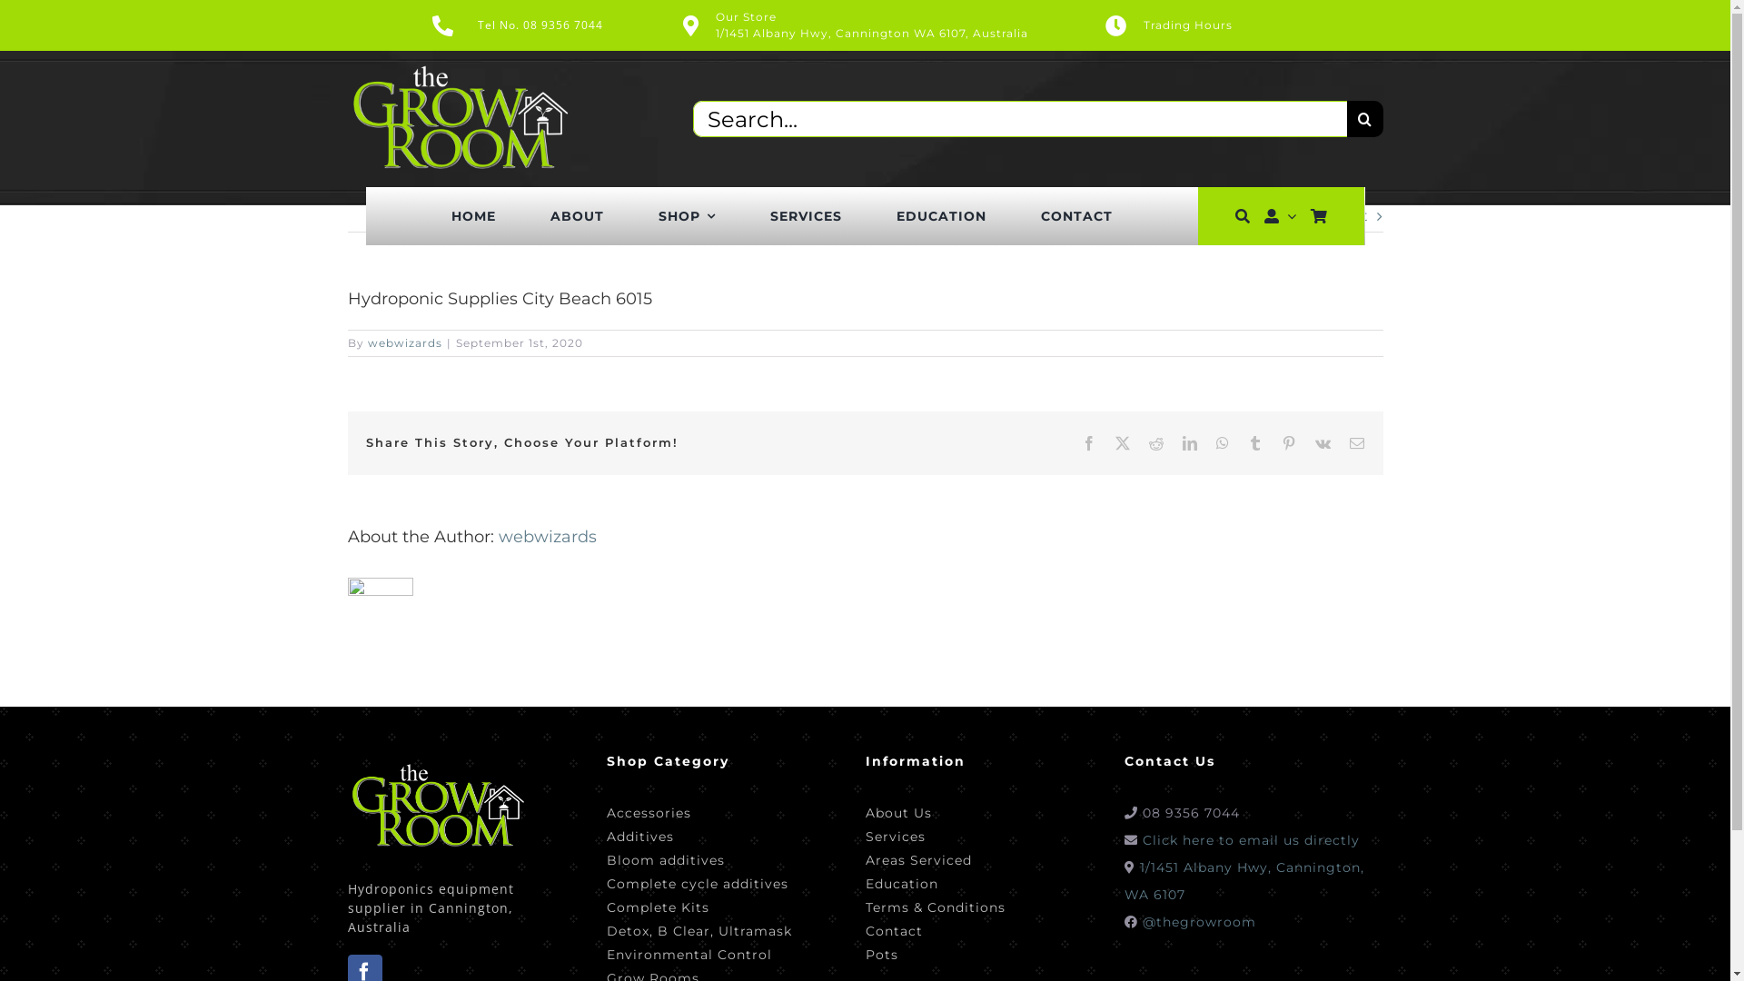 The height and width of the screenshot is (981, 1744). What do you see at coordinates (934, 858) in the screenshot?
I see `'Areas Serviced'` at bounding box center [934, 858].